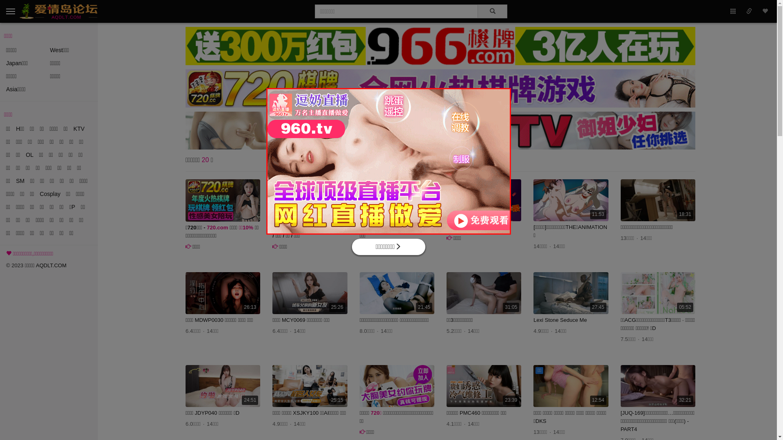 Image resolution: width=783 pixels, height=440 pixels. Describe the element at coordinates (73, 128) in the screenshot. I see `'KTV'` at that location.